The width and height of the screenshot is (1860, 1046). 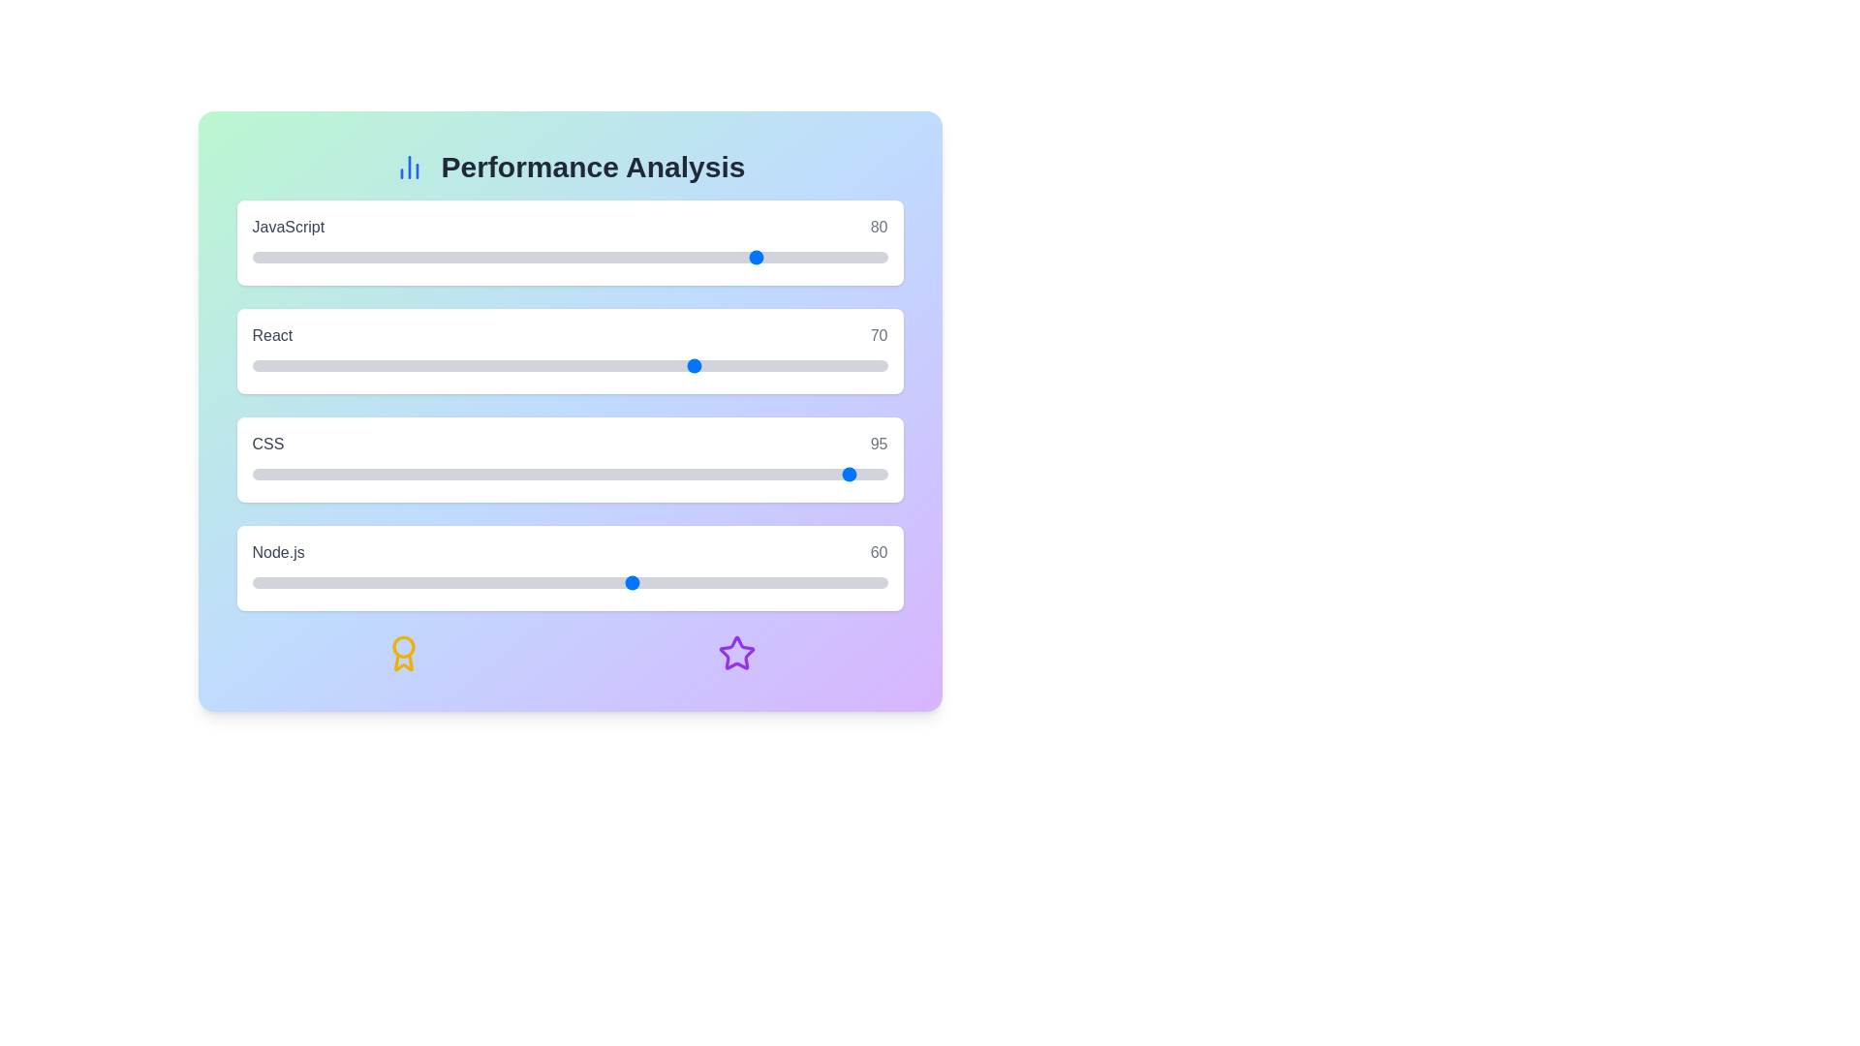 What do you see at coordinates (569, 257) in the screenshot?
I see `the slider for JavaScript to inspect its level` at bounding box center [569, 257].